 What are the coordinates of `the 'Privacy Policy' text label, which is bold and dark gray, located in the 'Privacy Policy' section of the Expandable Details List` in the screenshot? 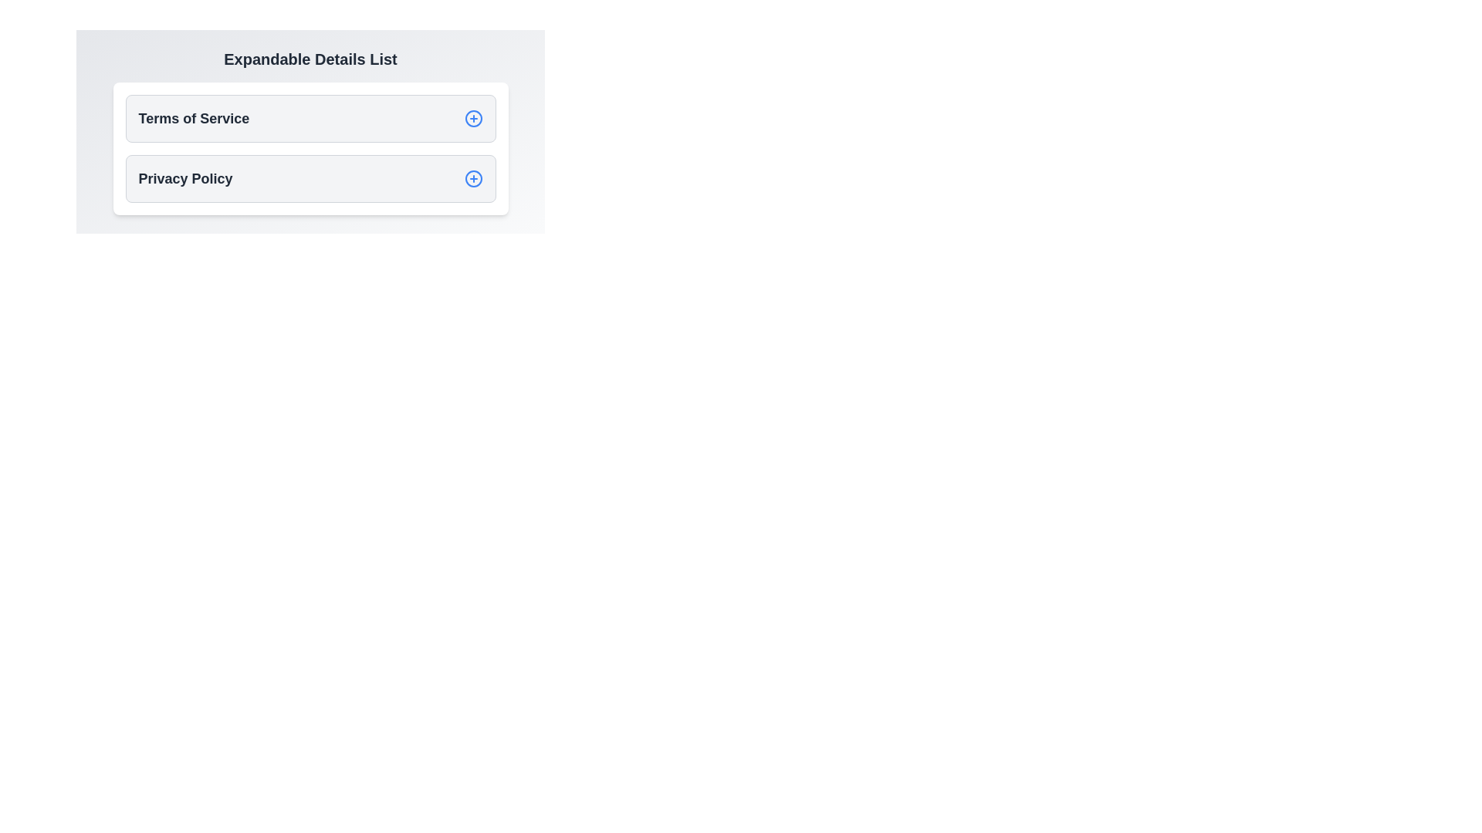 It's located at (185, 177).